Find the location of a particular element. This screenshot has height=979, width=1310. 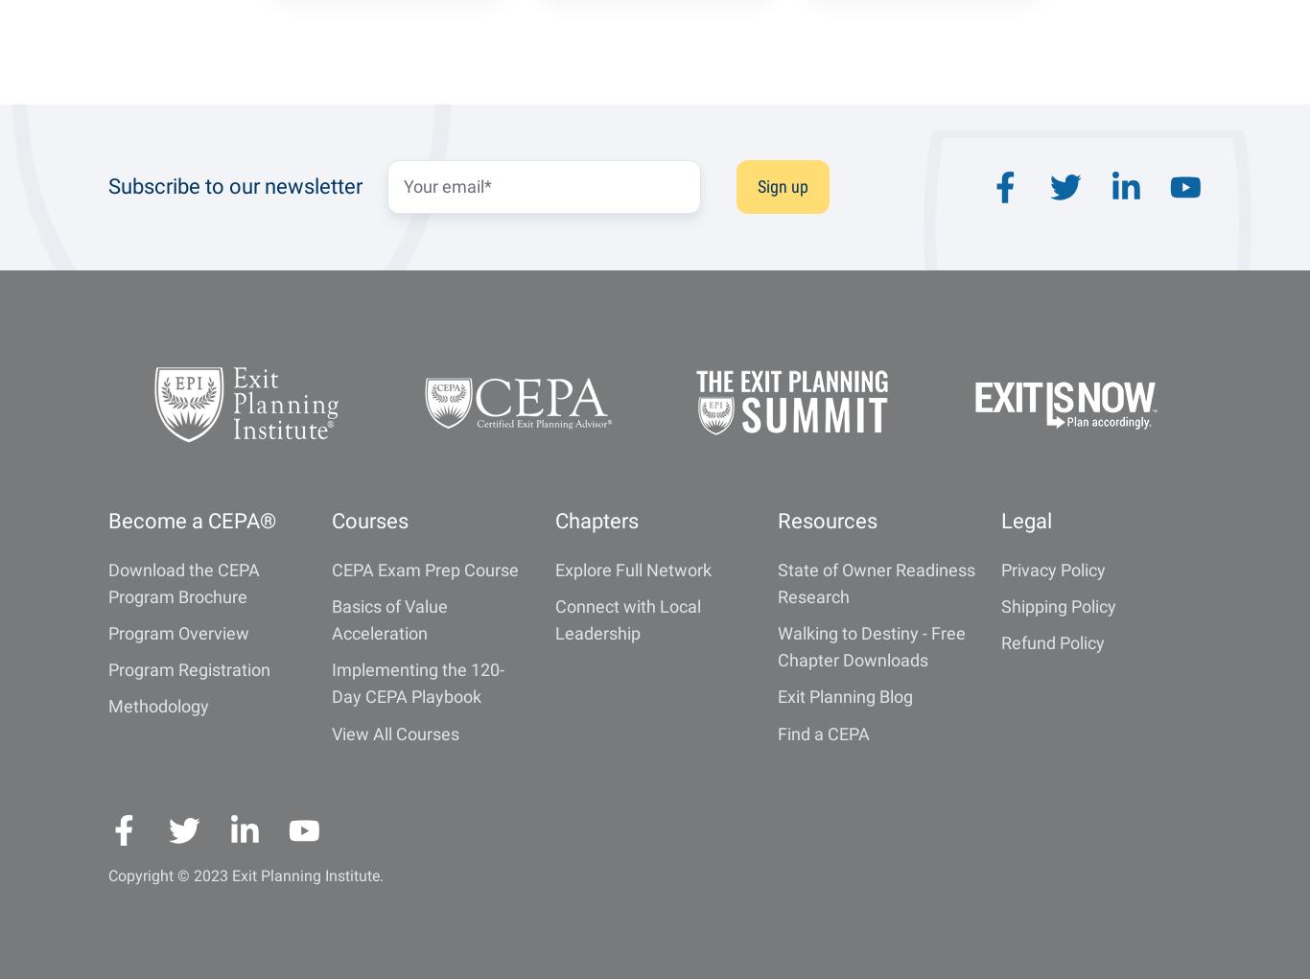

'State of Owner Readiness Research' is located at coordinates (876, 582).